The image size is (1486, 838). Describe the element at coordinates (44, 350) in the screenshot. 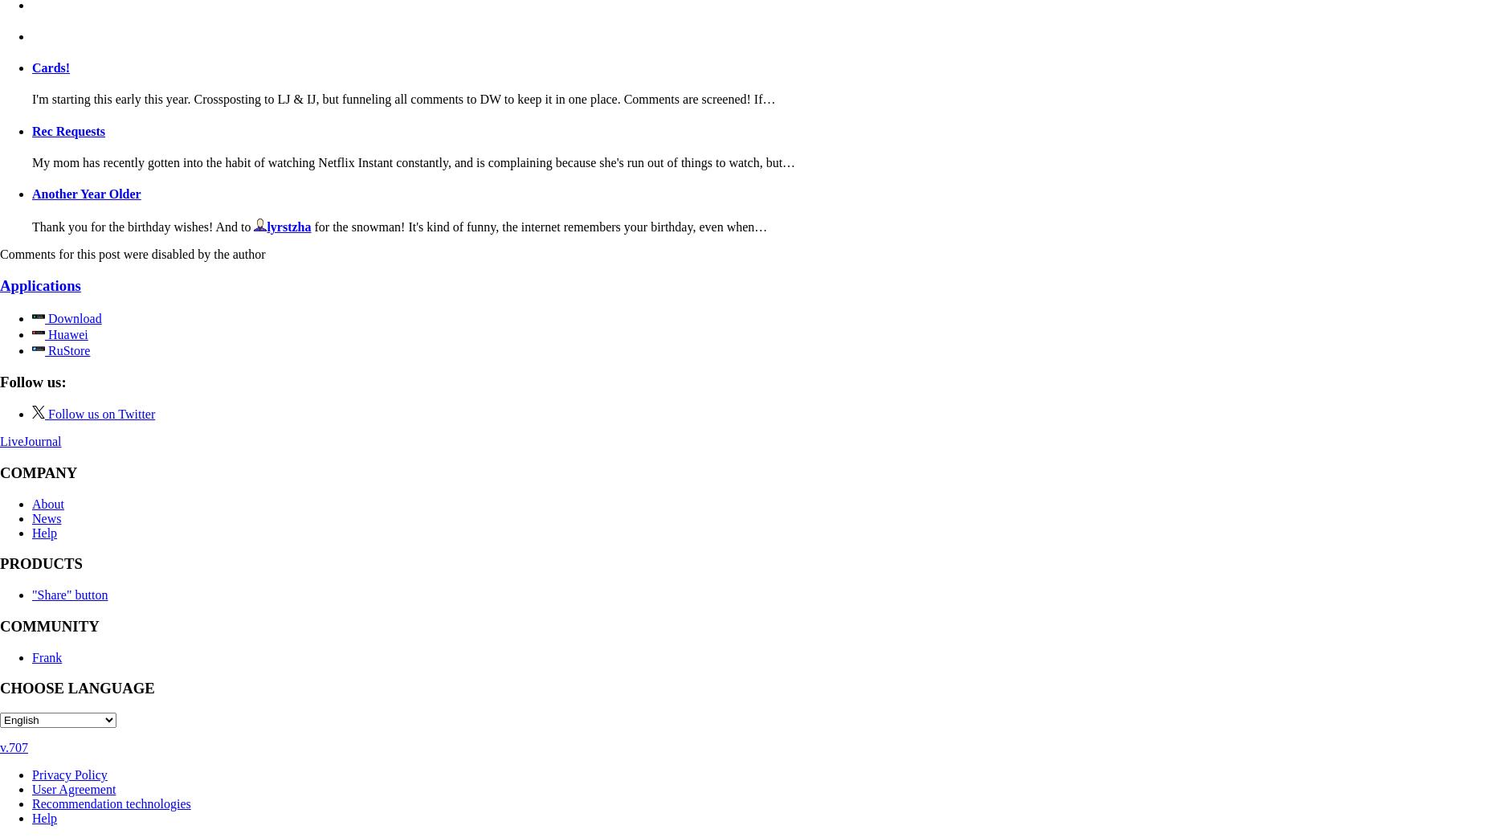

I see `'RuStore'` at that location.